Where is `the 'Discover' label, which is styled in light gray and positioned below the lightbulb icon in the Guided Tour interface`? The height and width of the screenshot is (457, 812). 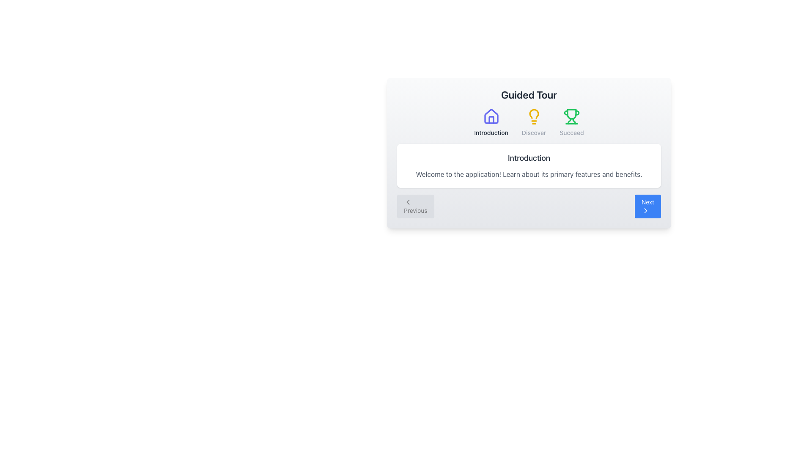 the 'Discover' label, which is styled in light gray and positioned below the lightbulb icon in the Guided Tour interface is located at coordinates (533, 132).